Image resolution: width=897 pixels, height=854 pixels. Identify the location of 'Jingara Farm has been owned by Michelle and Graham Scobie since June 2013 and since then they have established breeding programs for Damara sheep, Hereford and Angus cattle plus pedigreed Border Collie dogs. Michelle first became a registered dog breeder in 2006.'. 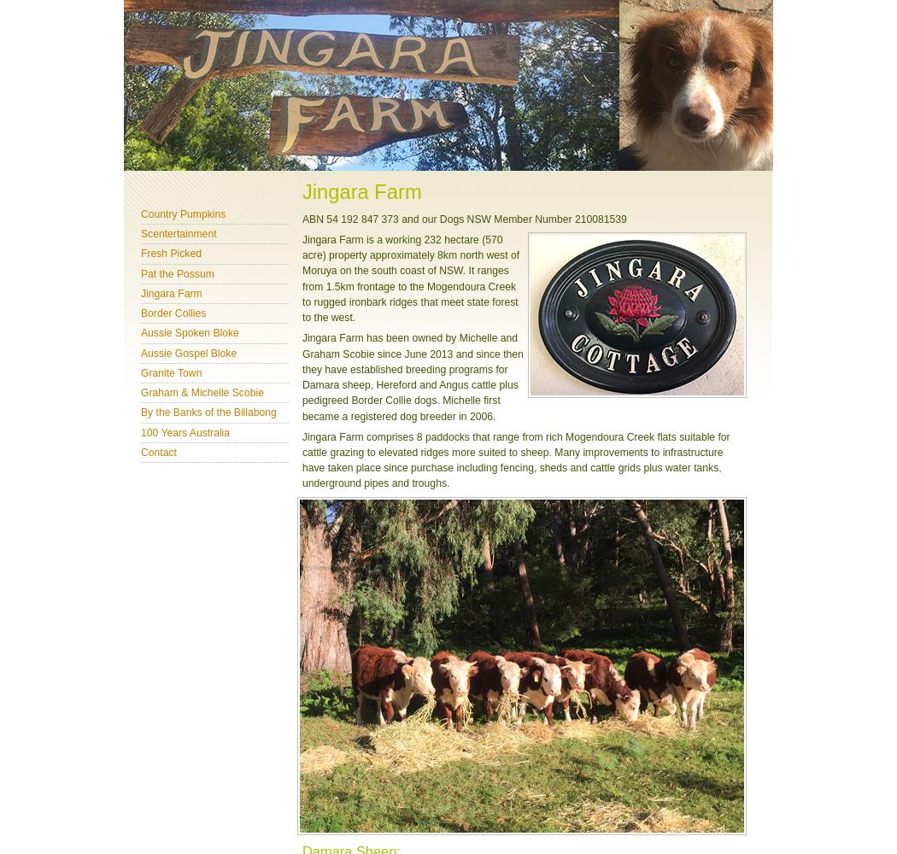
(413, 376).